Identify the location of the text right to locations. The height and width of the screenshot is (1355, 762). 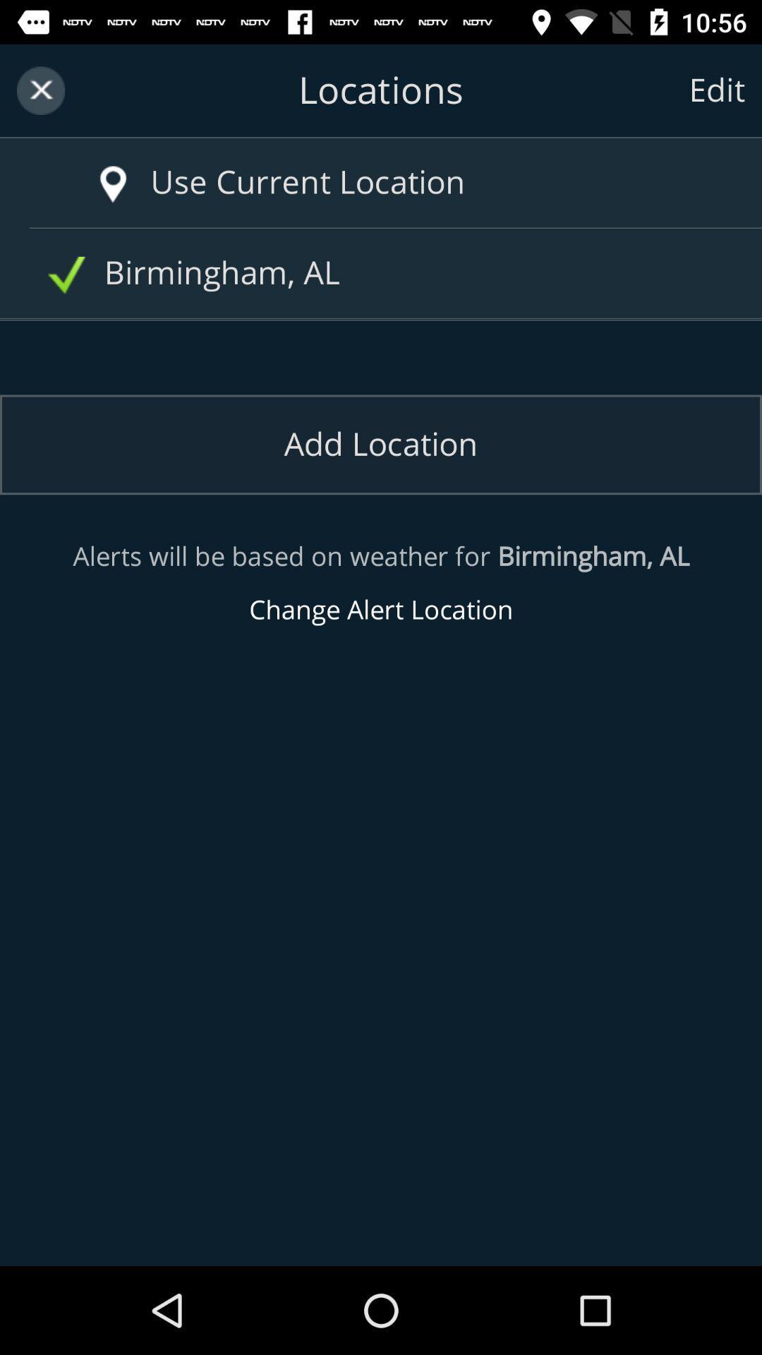
(717, 90).